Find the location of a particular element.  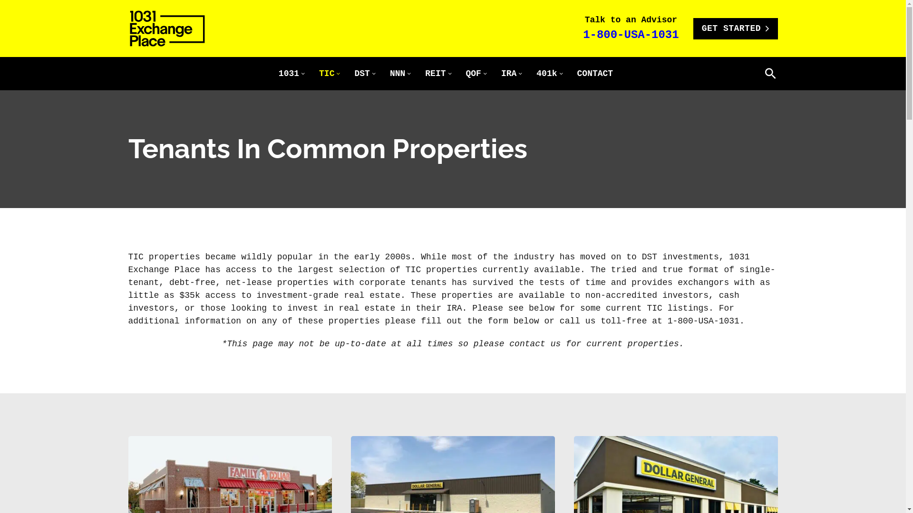

'REIT' is located at coordinates (435, 73).